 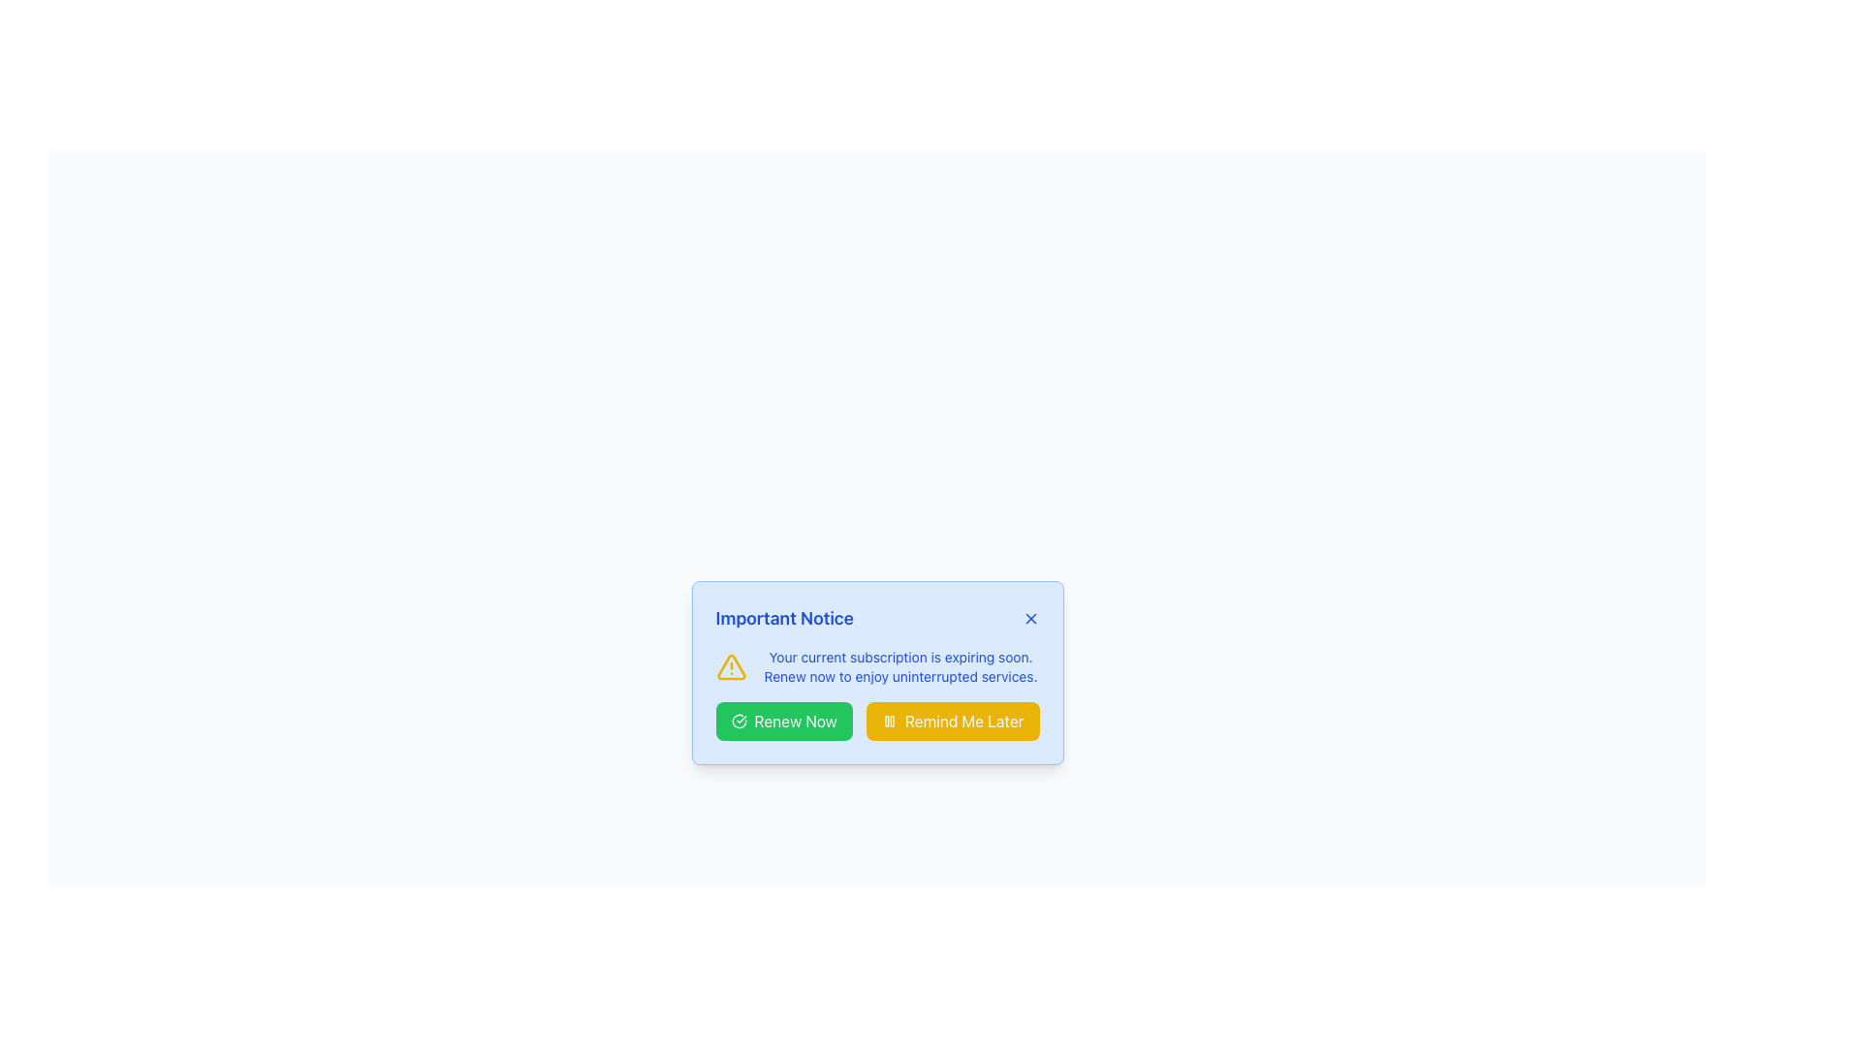 What do you see at coordinates (1029, 619) in the screenshot?
I see `the blue close button (an 'X' shape) located at the top-right corner of the 'Important Notice' header` at bounding box center [1029, 619].